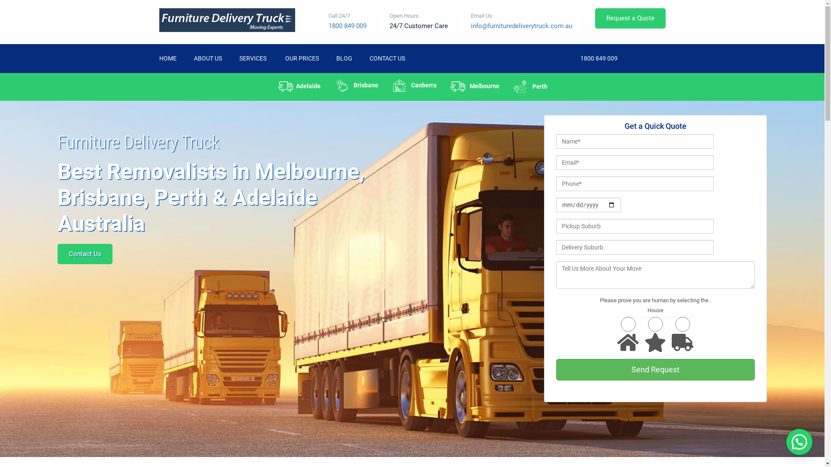  Describe the element at coordinates (356, 85) in the screenshot. I see `'Brisbane'` at that location.